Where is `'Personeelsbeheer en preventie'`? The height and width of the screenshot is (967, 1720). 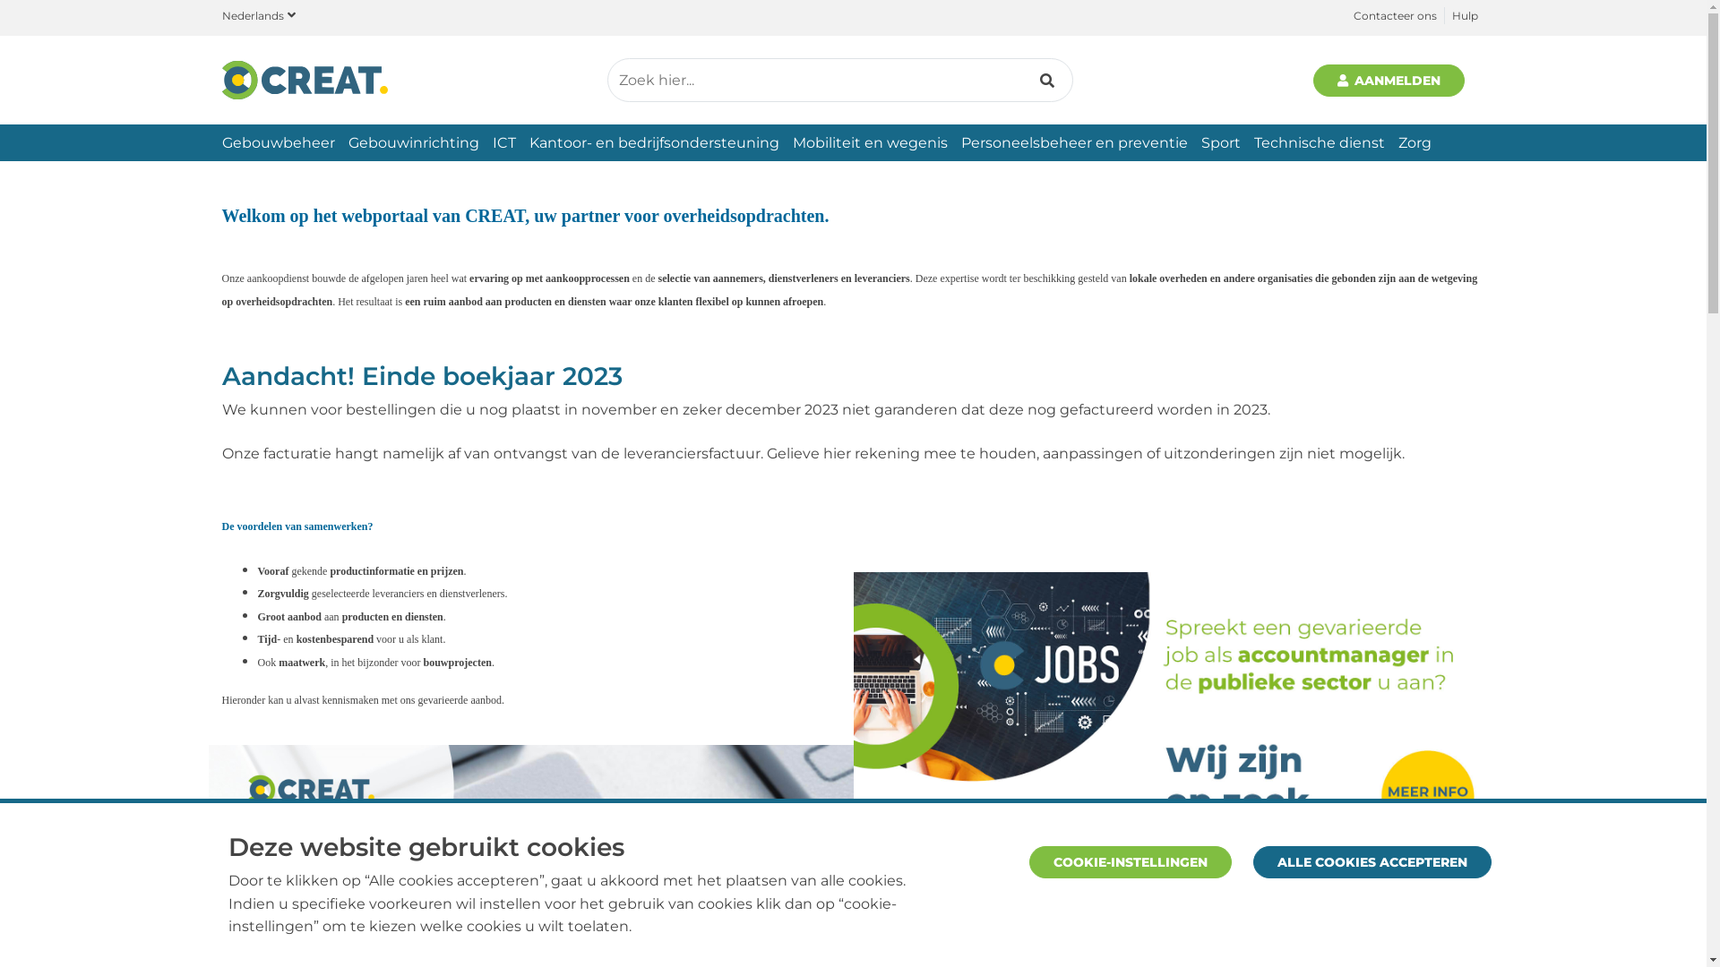
'Personeelsbeheer en preventie' is located at coordinates (1073, 141).